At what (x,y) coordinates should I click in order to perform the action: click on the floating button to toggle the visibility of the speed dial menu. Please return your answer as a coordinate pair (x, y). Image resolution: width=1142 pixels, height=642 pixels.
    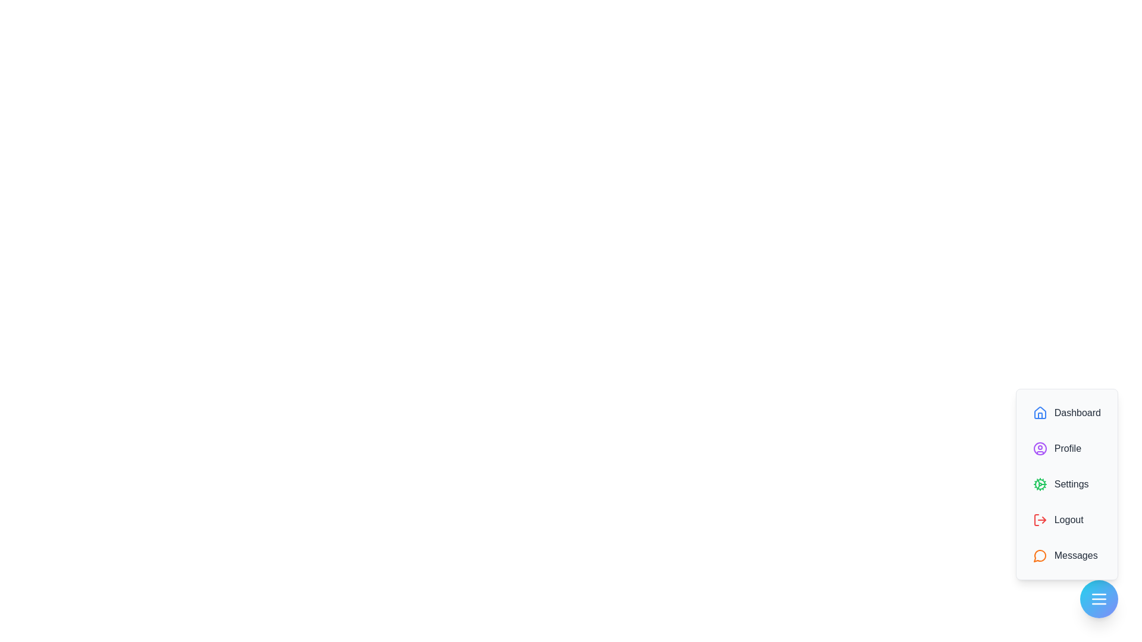
    Looking at the image, I should click on (1099, 599).